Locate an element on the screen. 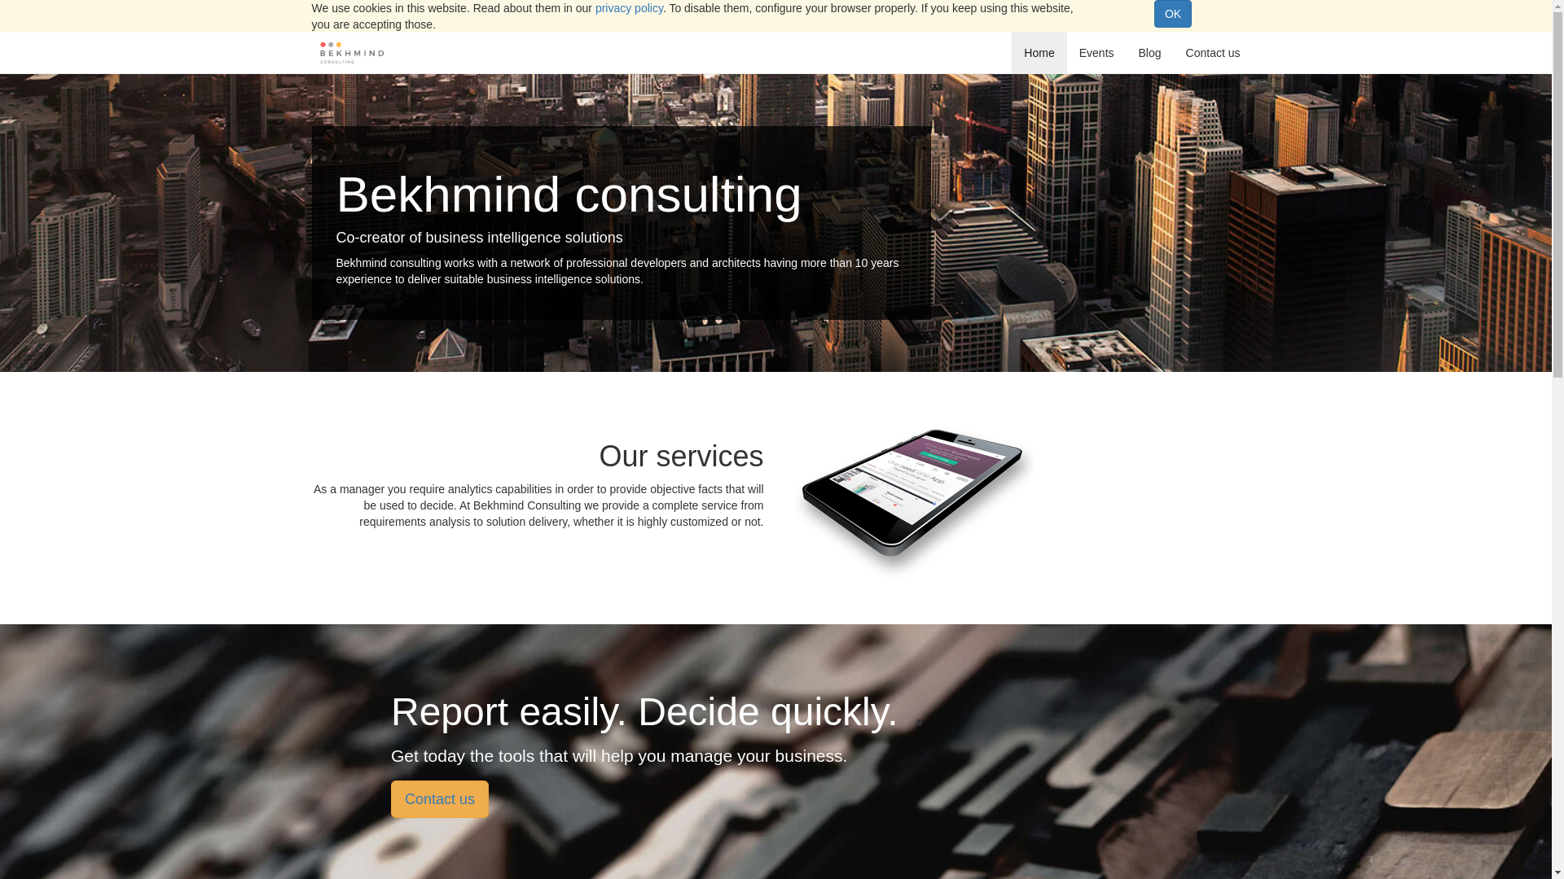  'OK' is located at coordinates (1173, 13).